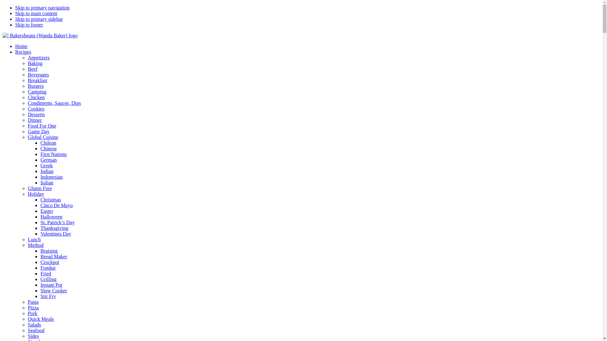  I want to click on 'Recipes', so click(23, 51).